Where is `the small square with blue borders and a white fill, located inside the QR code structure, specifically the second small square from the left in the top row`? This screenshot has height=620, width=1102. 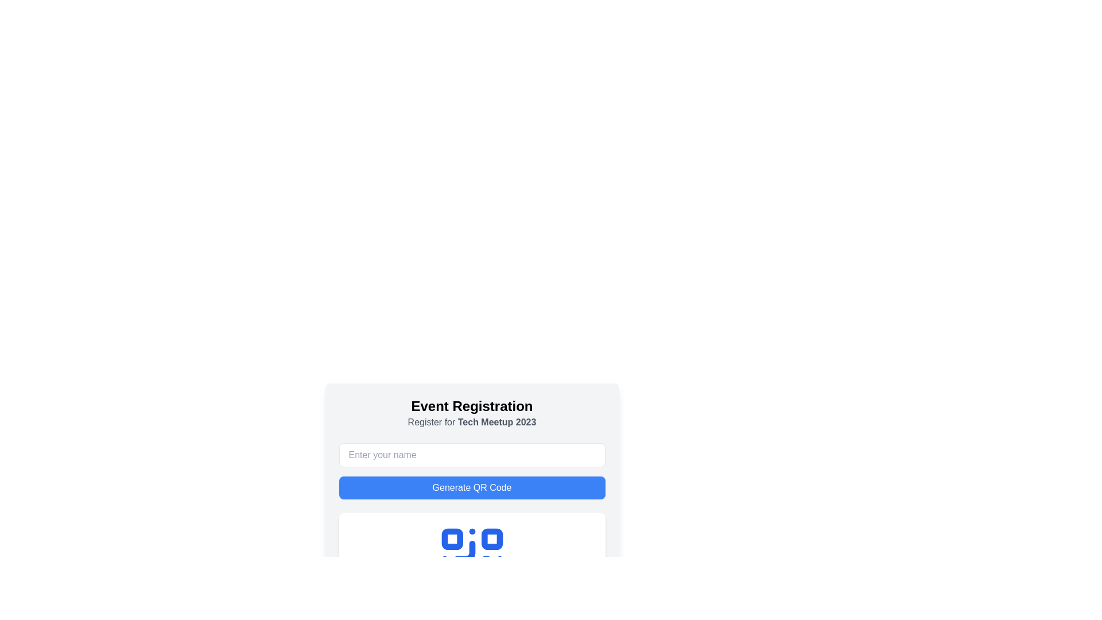 the small square with blue borders and a white fill, located inside the QR code structure, specifically the second small square from the left in the top row is located at coordinates (492, 539).